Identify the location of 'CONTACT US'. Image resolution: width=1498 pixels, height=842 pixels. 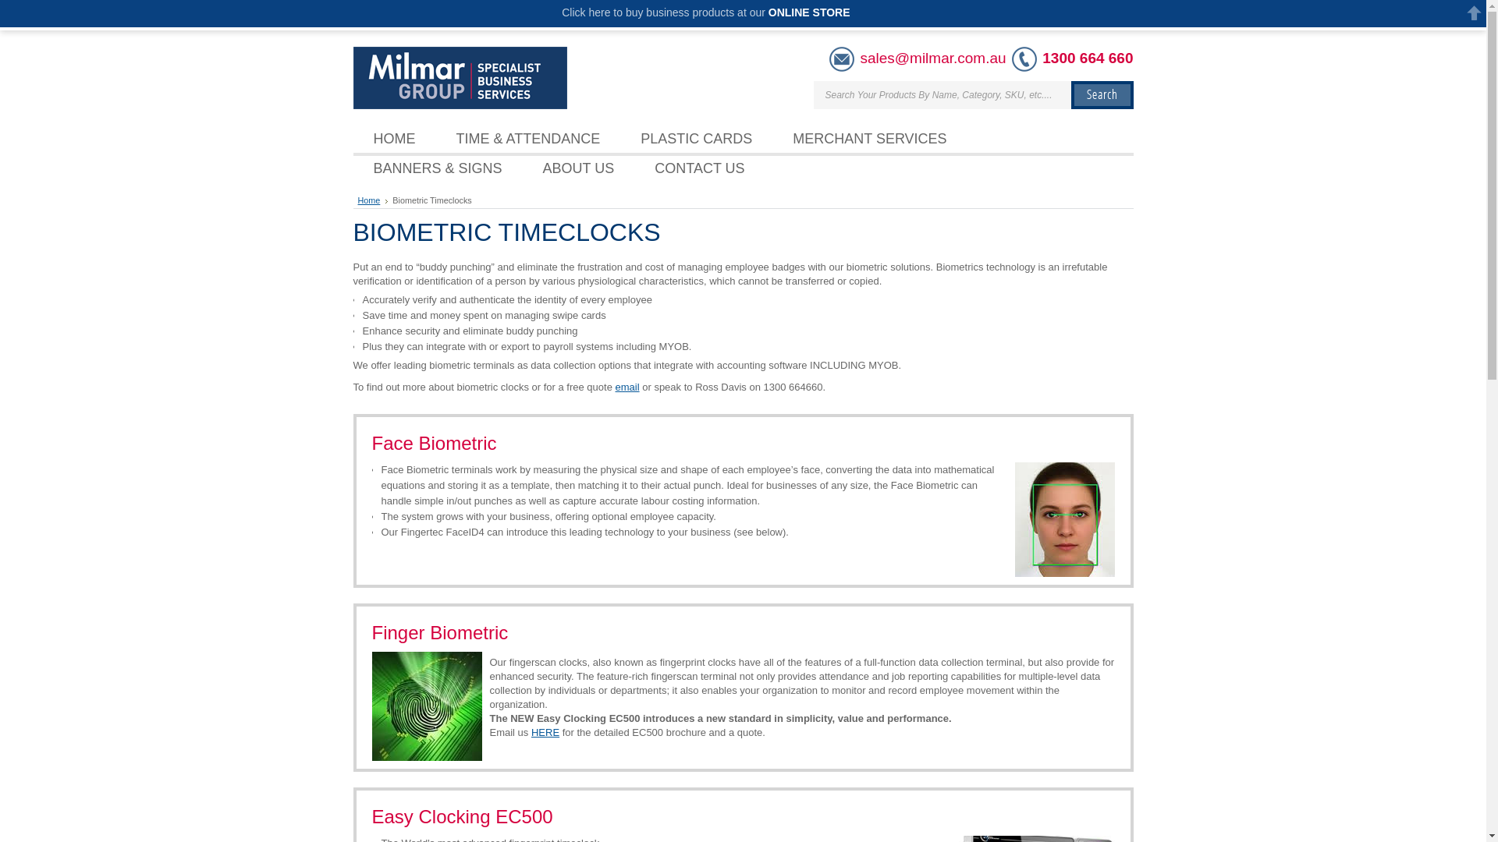
(698, 168).